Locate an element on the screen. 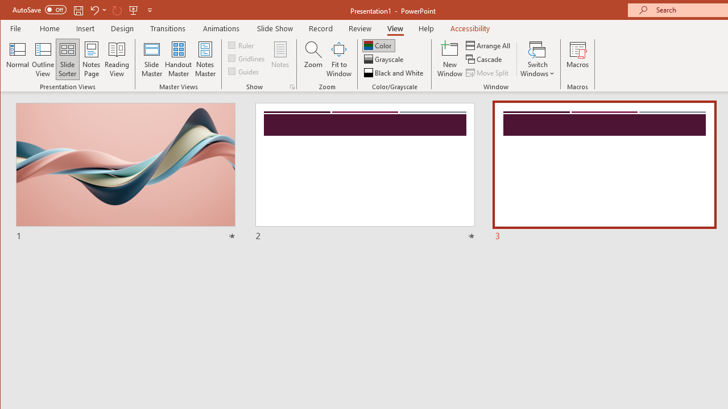 The height and width of the screenshot is (409, 728). 'Color' is located at coordinates (379, 45).